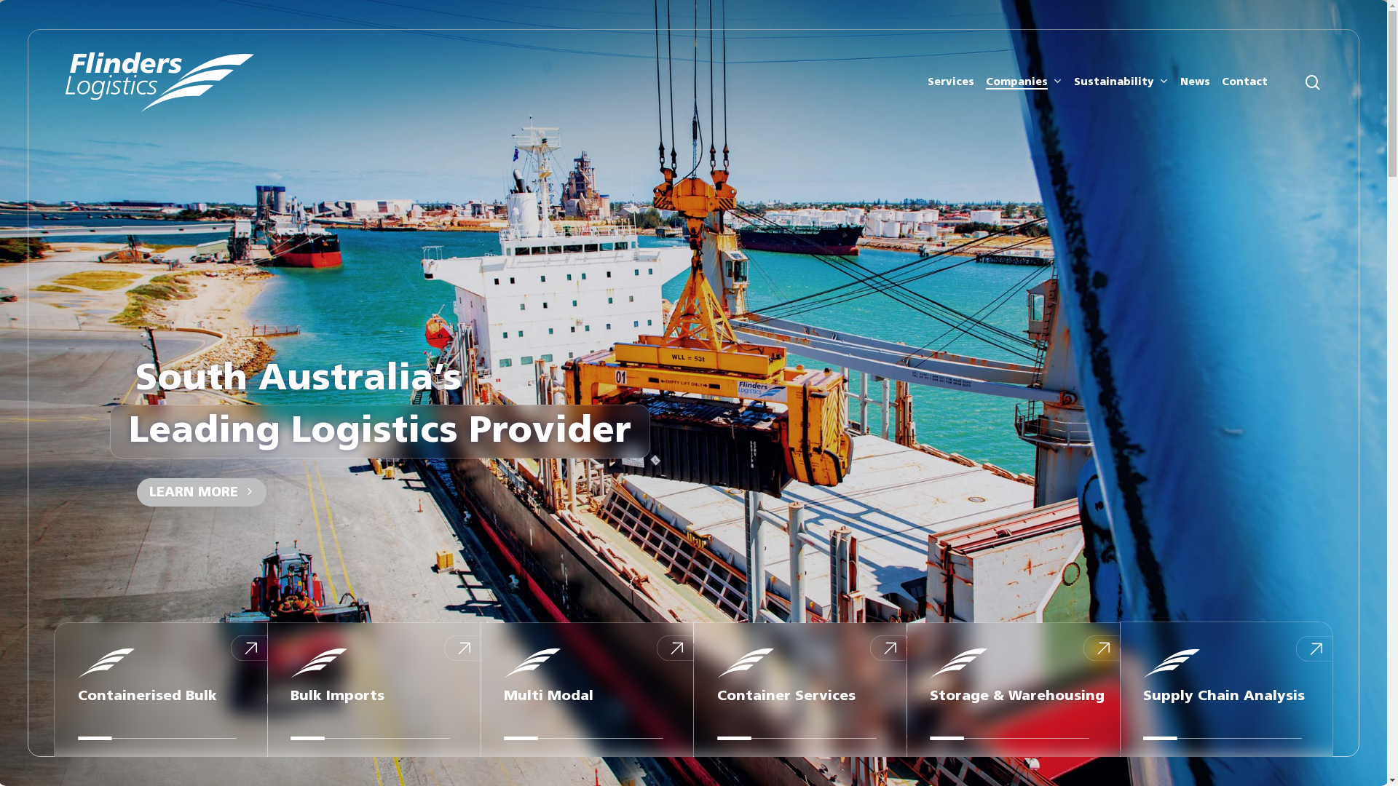 The width and height of the screenshot is (1398, 786). What do you see at coordinates (950, 82) in the screenshot?
I see `'Services'` at bounding box center [950, 82].